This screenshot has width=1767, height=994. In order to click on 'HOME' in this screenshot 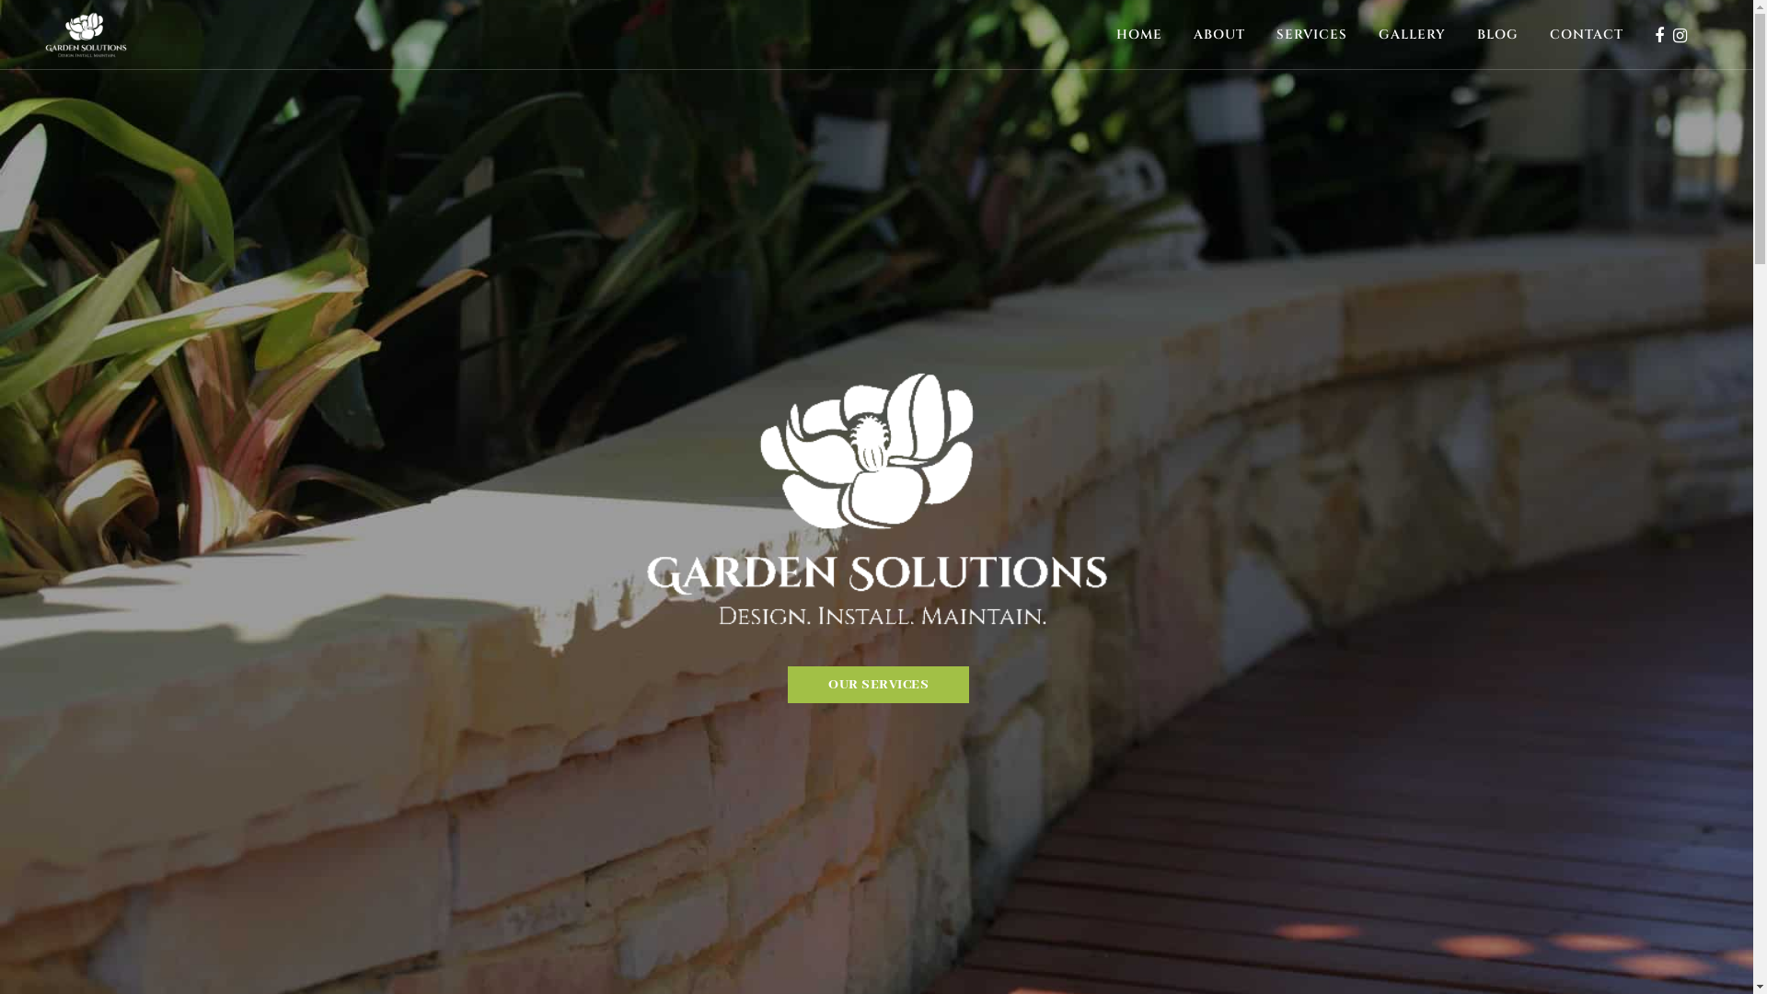, I will do `click(1138, 34)`.